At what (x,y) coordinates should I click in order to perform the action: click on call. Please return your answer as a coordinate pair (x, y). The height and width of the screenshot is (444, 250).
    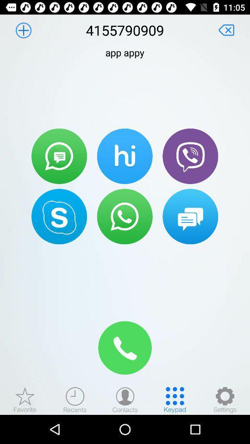
    Looking at the image, I should click on (190, 156).